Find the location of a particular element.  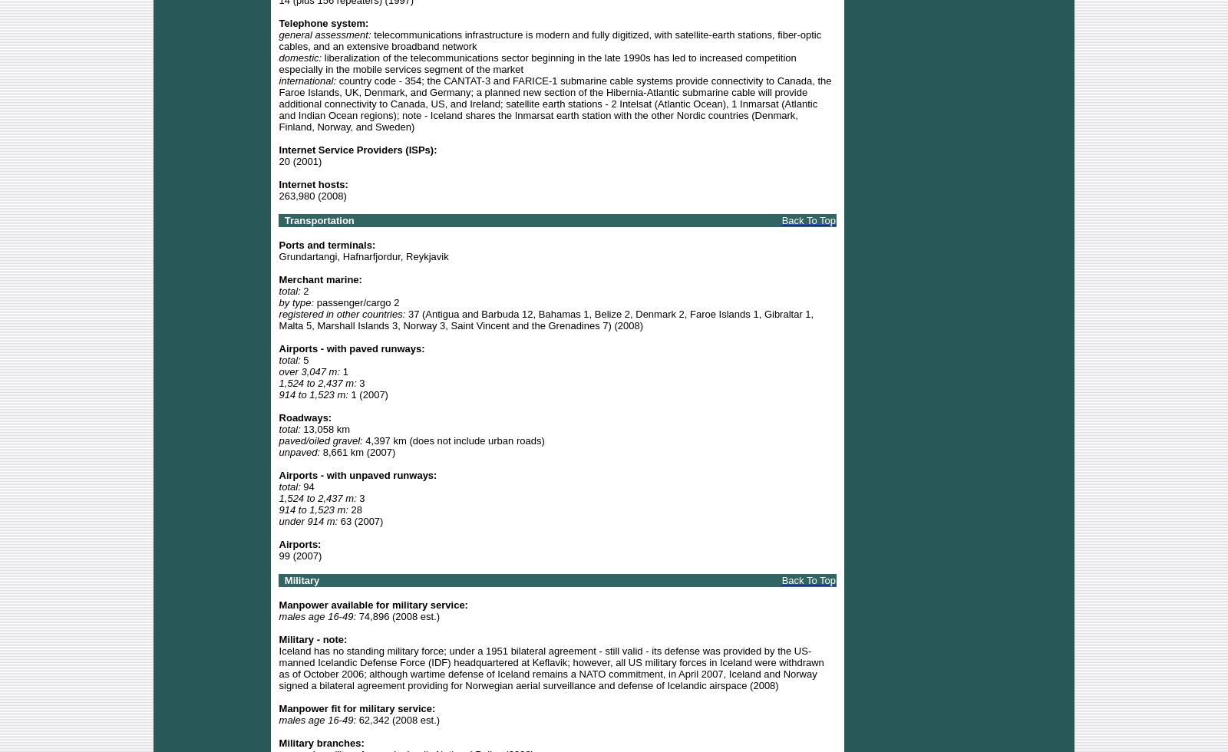

'2' is located at coordinates (300, 290).